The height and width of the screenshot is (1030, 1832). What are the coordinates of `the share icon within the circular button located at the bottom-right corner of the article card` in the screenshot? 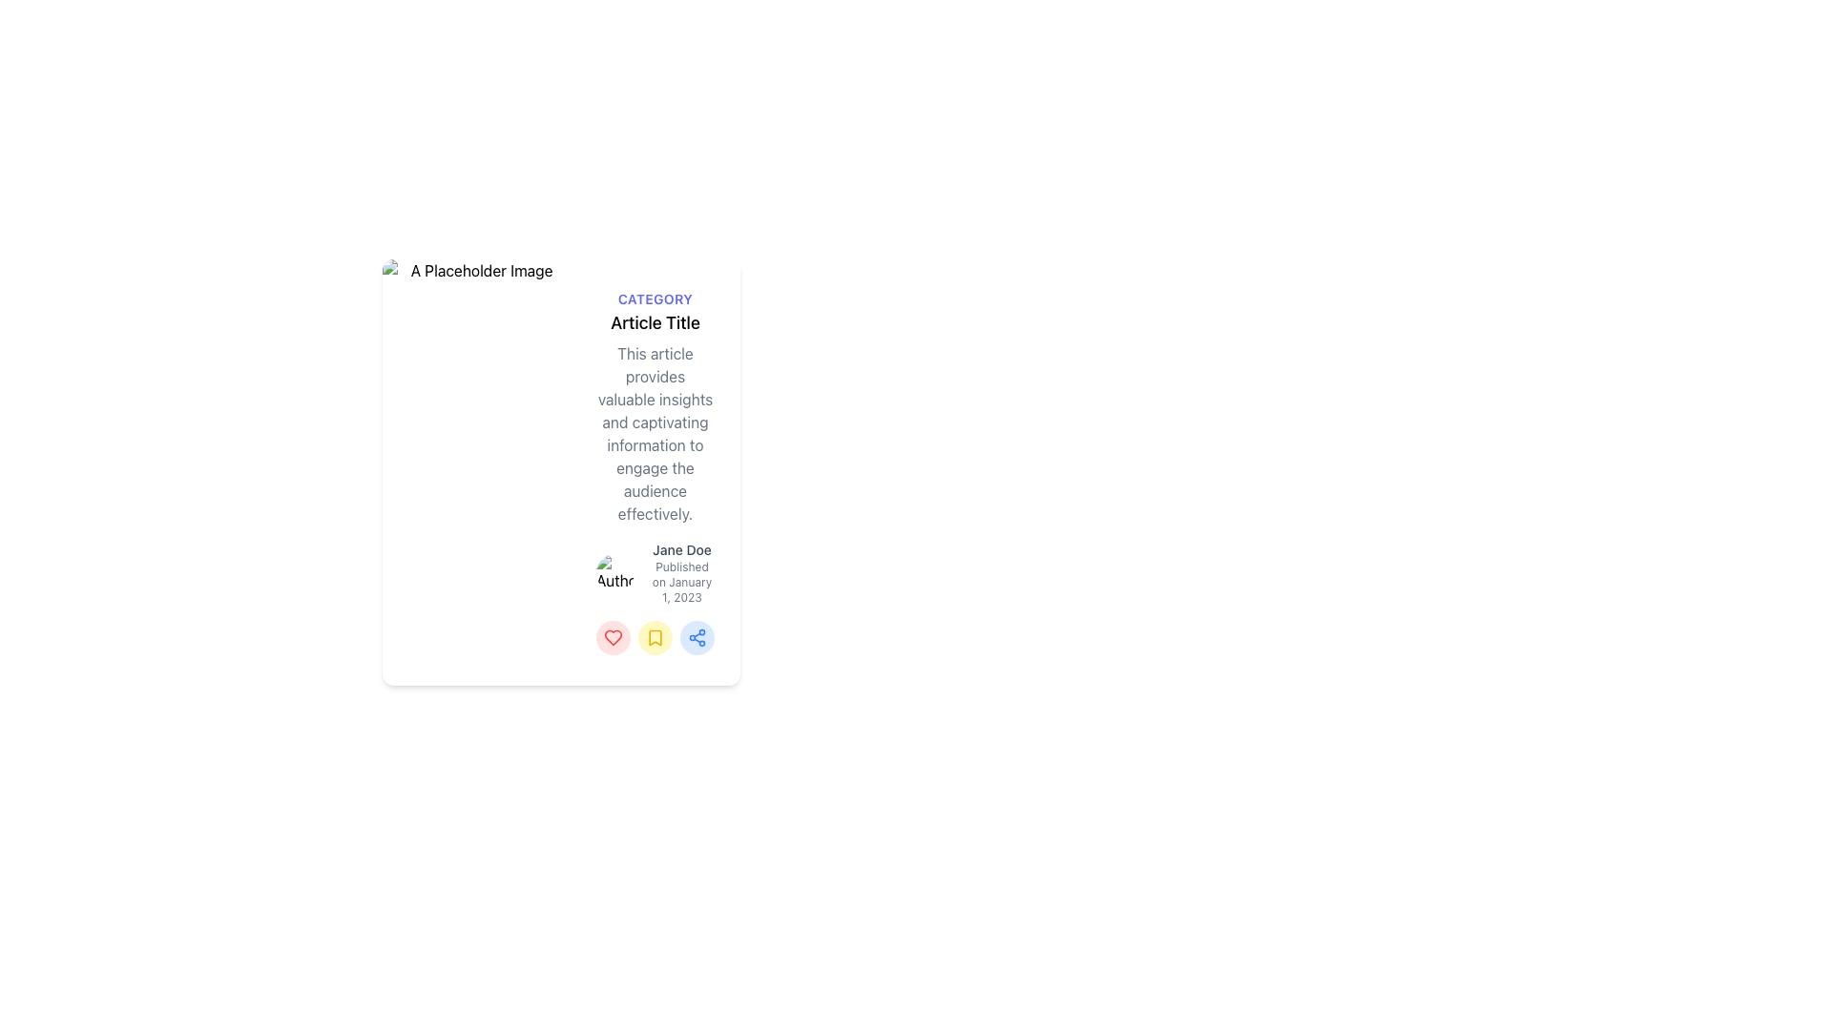 It's located at (696, 637).